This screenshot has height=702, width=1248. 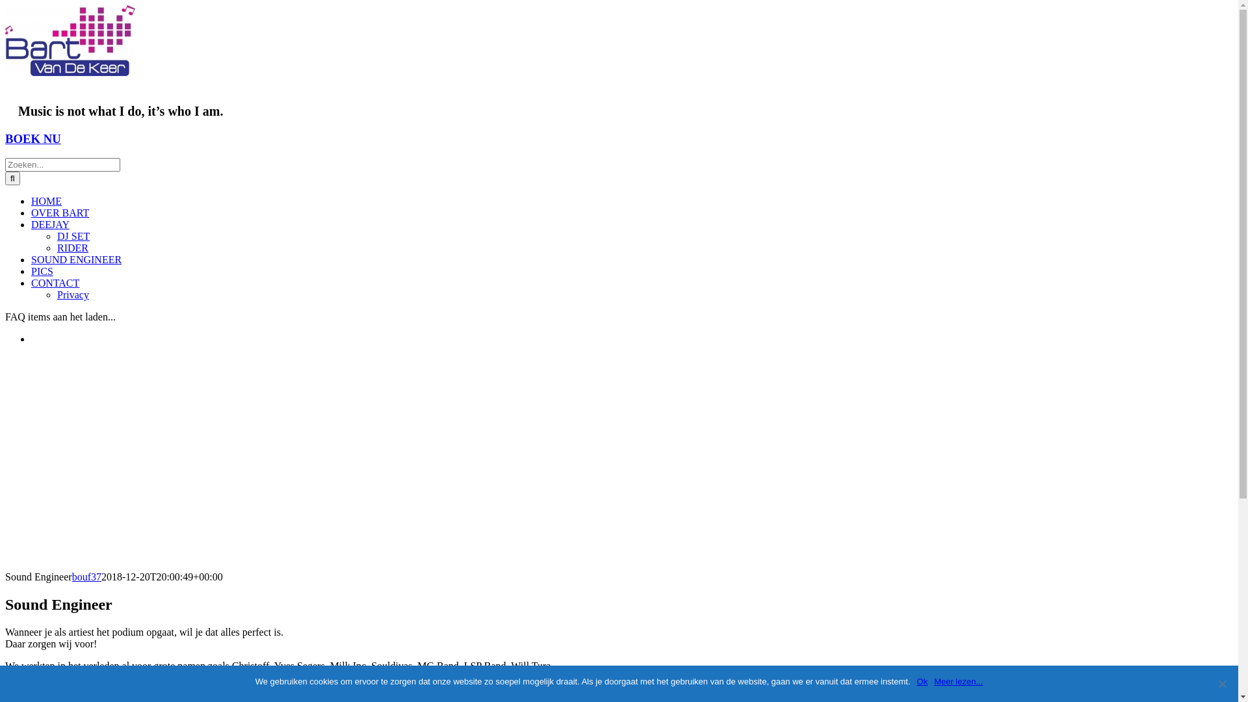 What do you see at coordinates (73, 236) in the screenshot?
I see `'DJ SET'` at bounding box center [73, 236].